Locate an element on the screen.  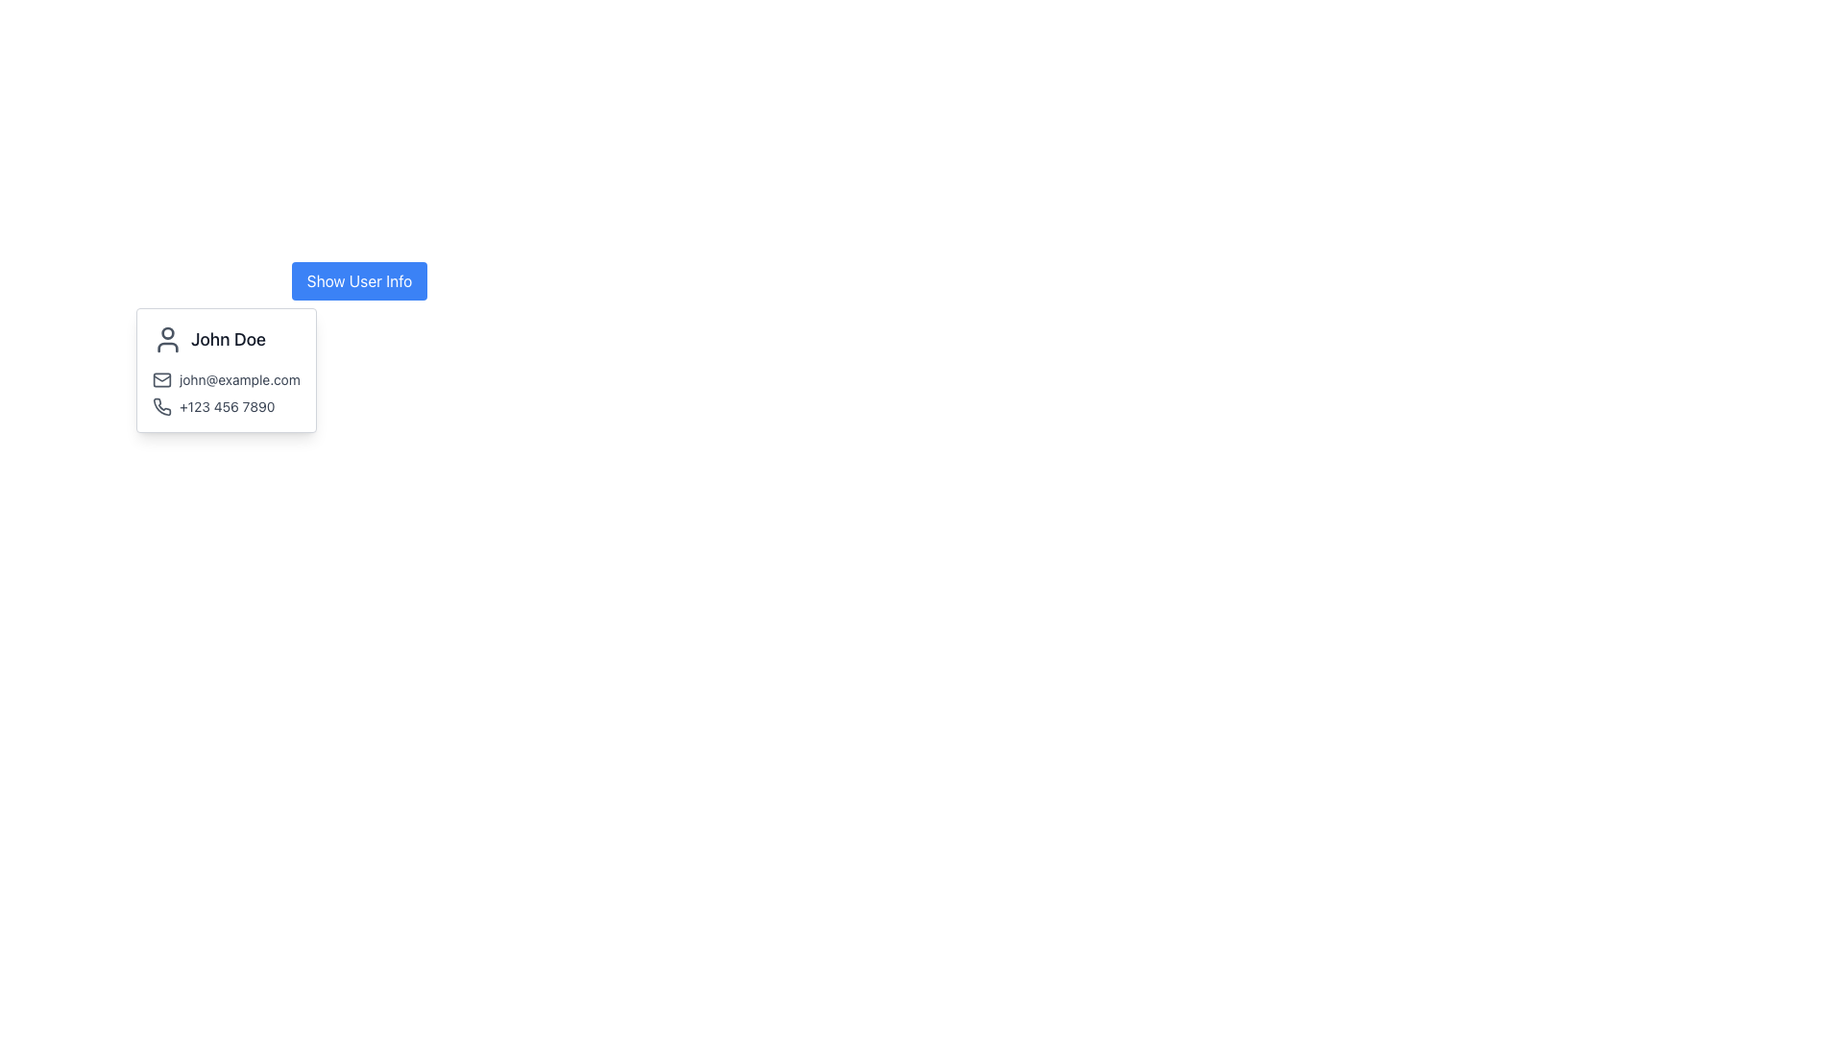
the user profile icon located at the top-left corner of a rectangular card component, adjacent to the text 'John Doe' is located at coordinates (167, 339).